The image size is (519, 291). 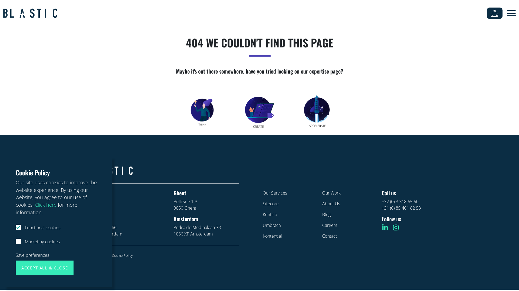 What do you see at coordinates (272, 225) in the screenshot?
I see `'Umbraco'` at bounding box center [272, 225].